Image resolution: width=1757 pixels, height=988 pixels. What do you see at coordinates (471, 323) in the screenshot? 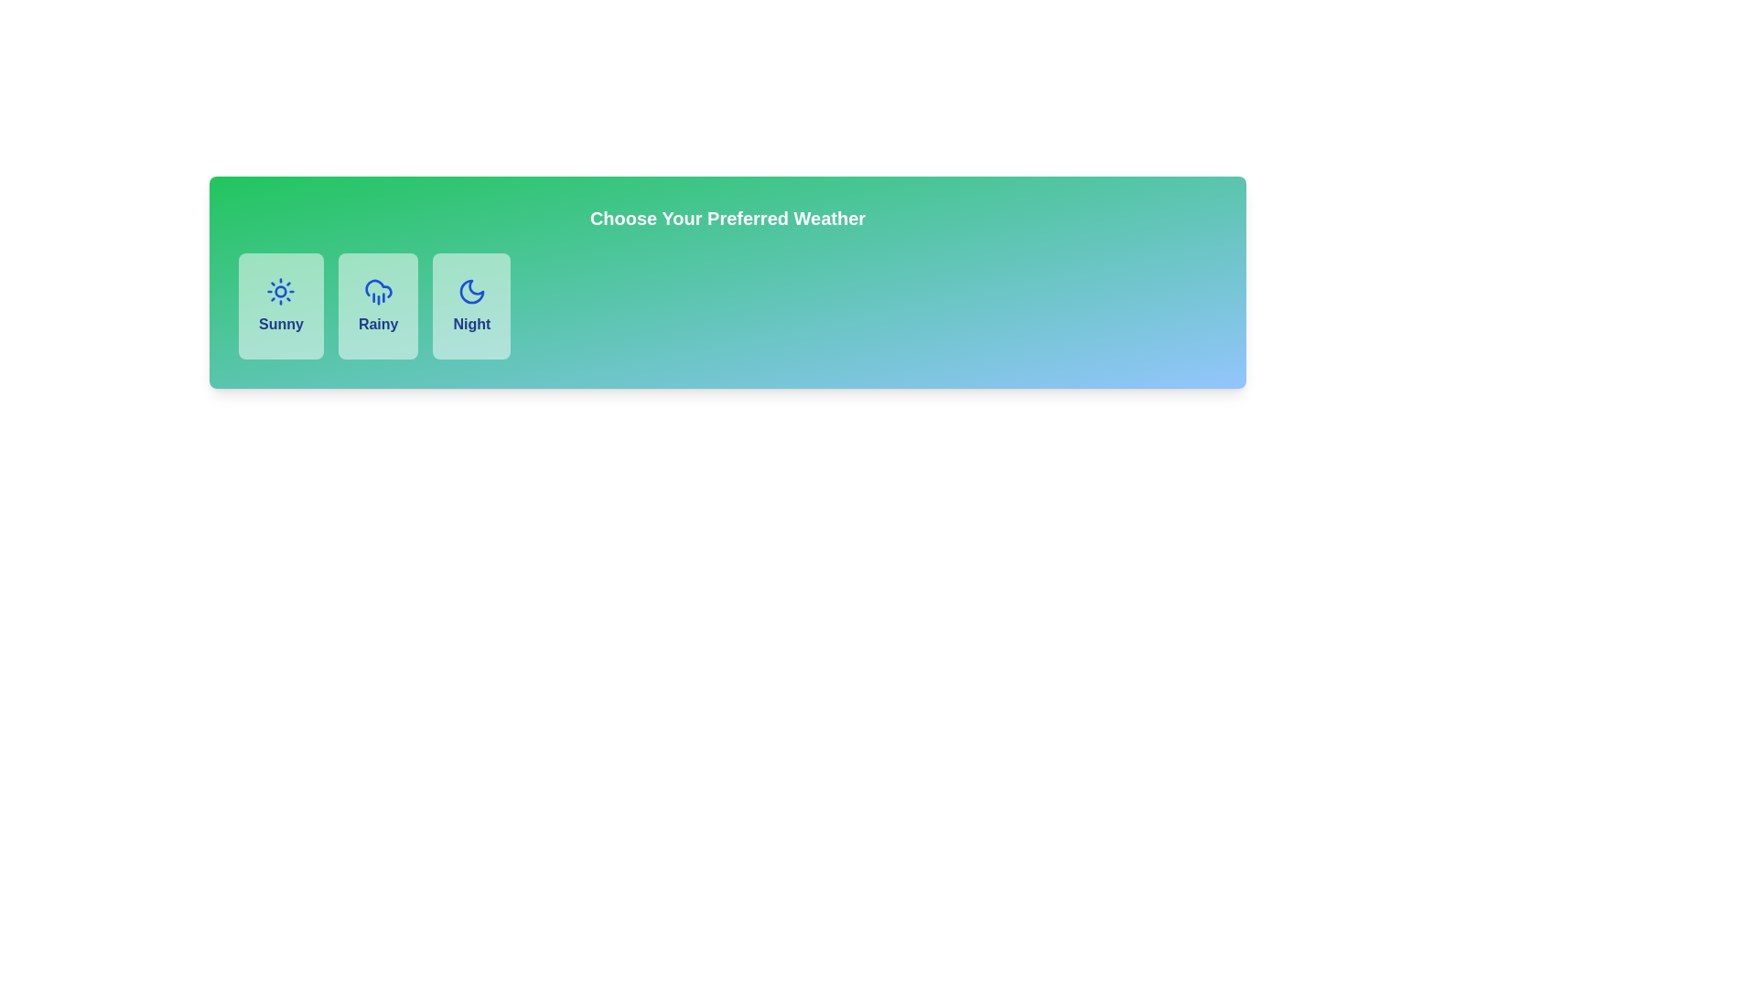
I see `the text content of the bold, blue-colored 'Night' text label located in the center of the third weather option card from the left, below the crescent moon icon` at bounding box center [471, 323].